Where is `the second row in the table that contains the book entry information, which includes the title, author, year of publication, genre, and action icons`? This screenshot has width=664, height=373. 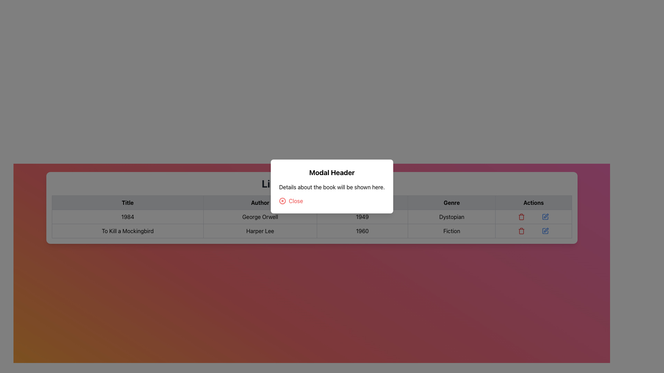 the second row in the table that contains the book entry information, which includes the title, author, year of publication, genre, and action icons is located at coordinates (311, 231).